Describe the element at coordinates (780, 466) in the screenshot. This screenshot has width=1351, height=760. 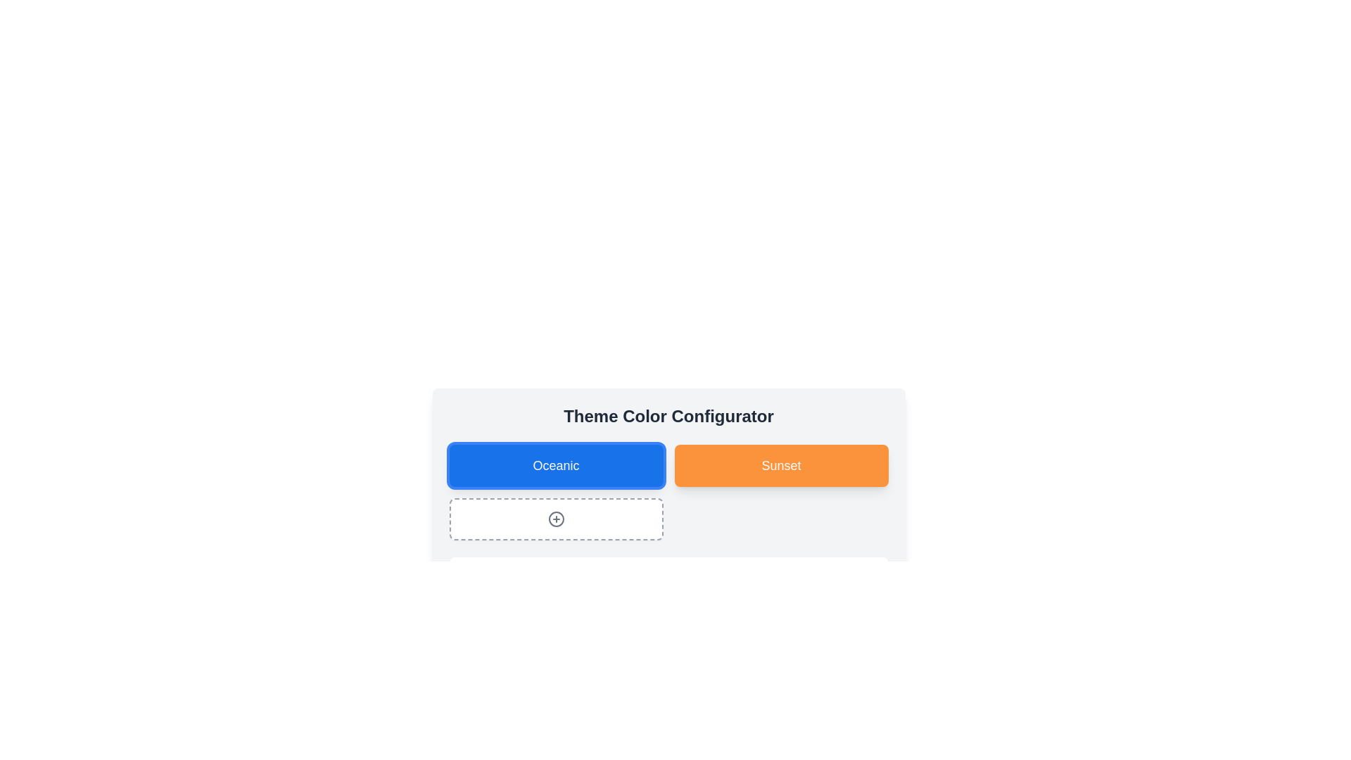
I see `the orange button labeled 'Sunset' located in the first row and second column of the 'Theme Color Configurator' section` at that location.